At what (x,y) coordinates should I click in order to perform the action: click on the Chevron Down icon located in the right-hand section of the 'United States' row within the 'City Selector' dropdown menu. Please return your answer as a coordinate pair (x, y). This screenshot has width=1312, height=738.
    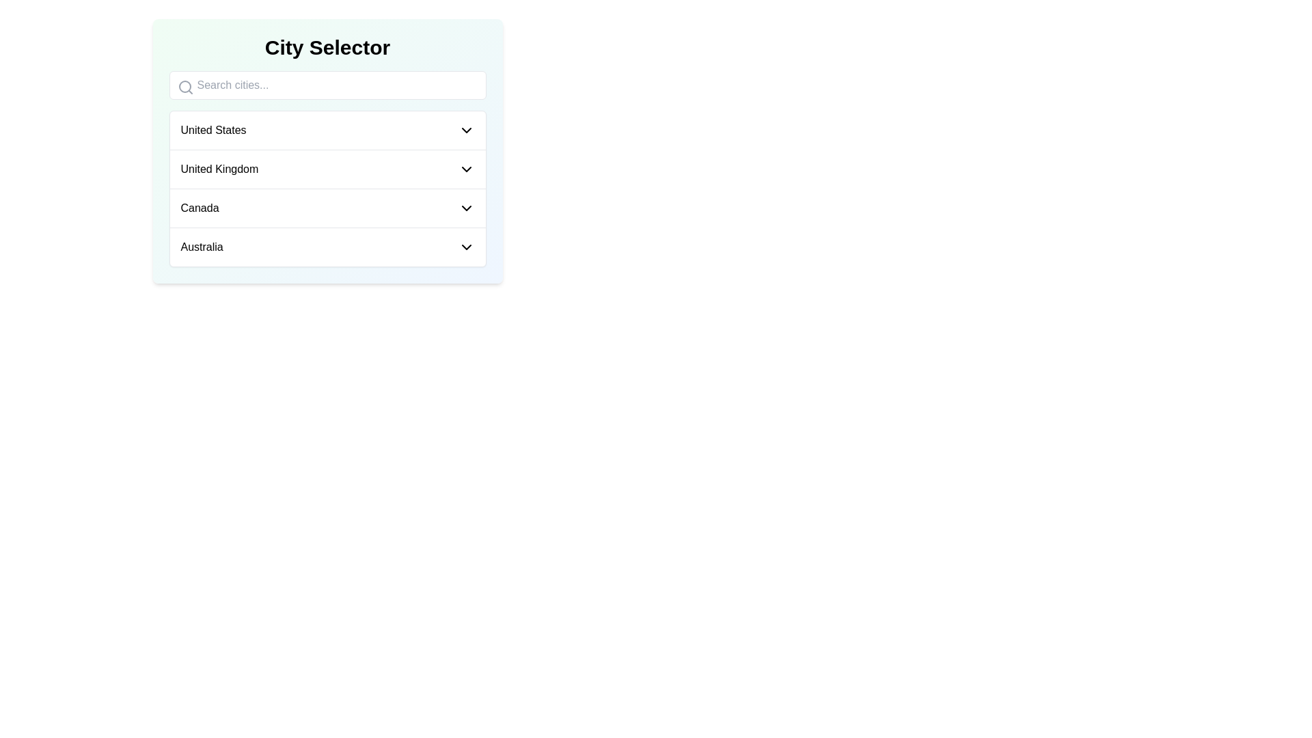
    Looking at the image, I should click on (466, 131).